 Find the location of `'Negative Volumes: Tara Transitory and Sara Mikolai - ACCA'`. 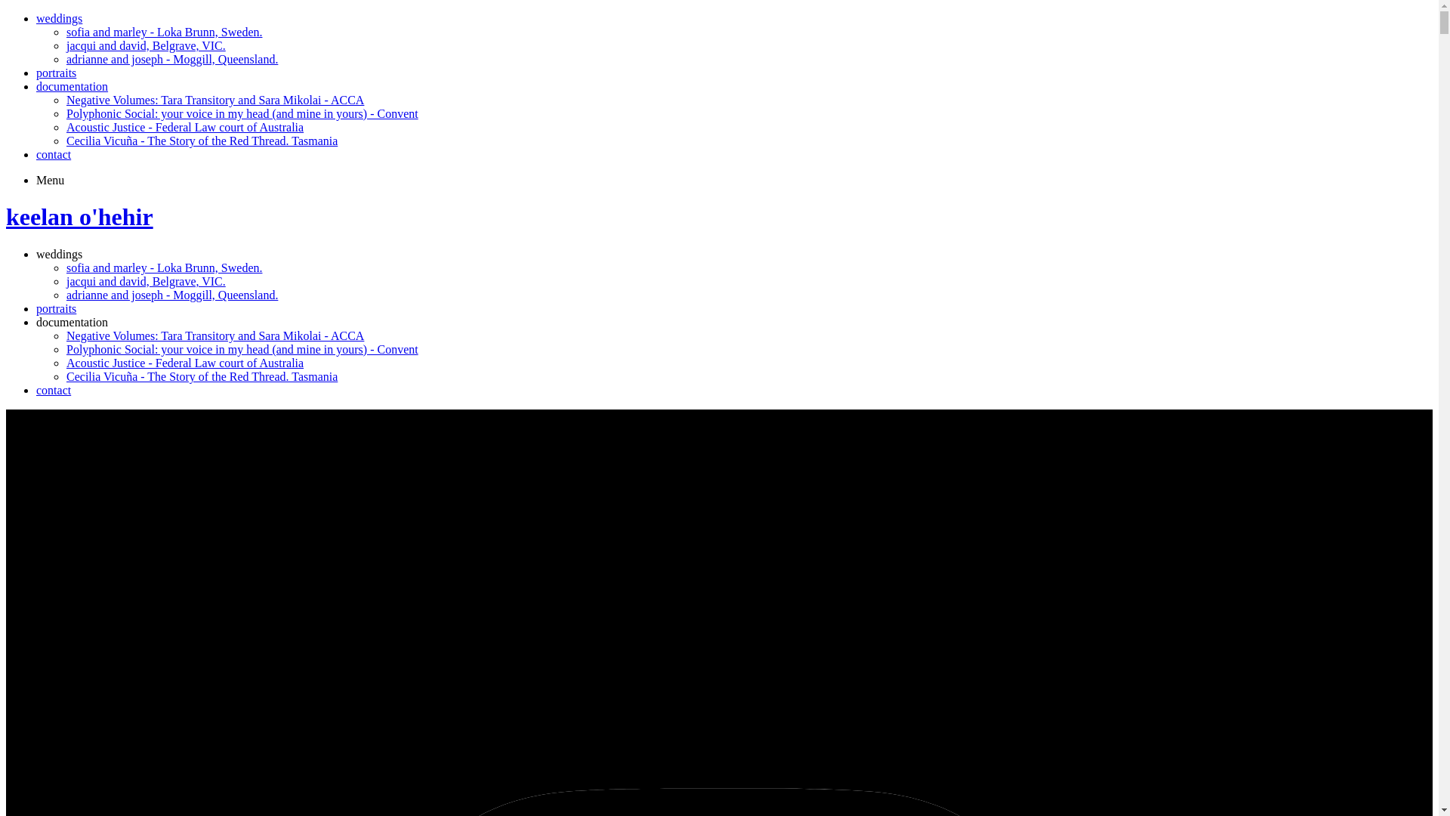

'Negative Volumes: Tara Transitory and Sara Mikolai - ACCA' is located at coordinates (214, 100).